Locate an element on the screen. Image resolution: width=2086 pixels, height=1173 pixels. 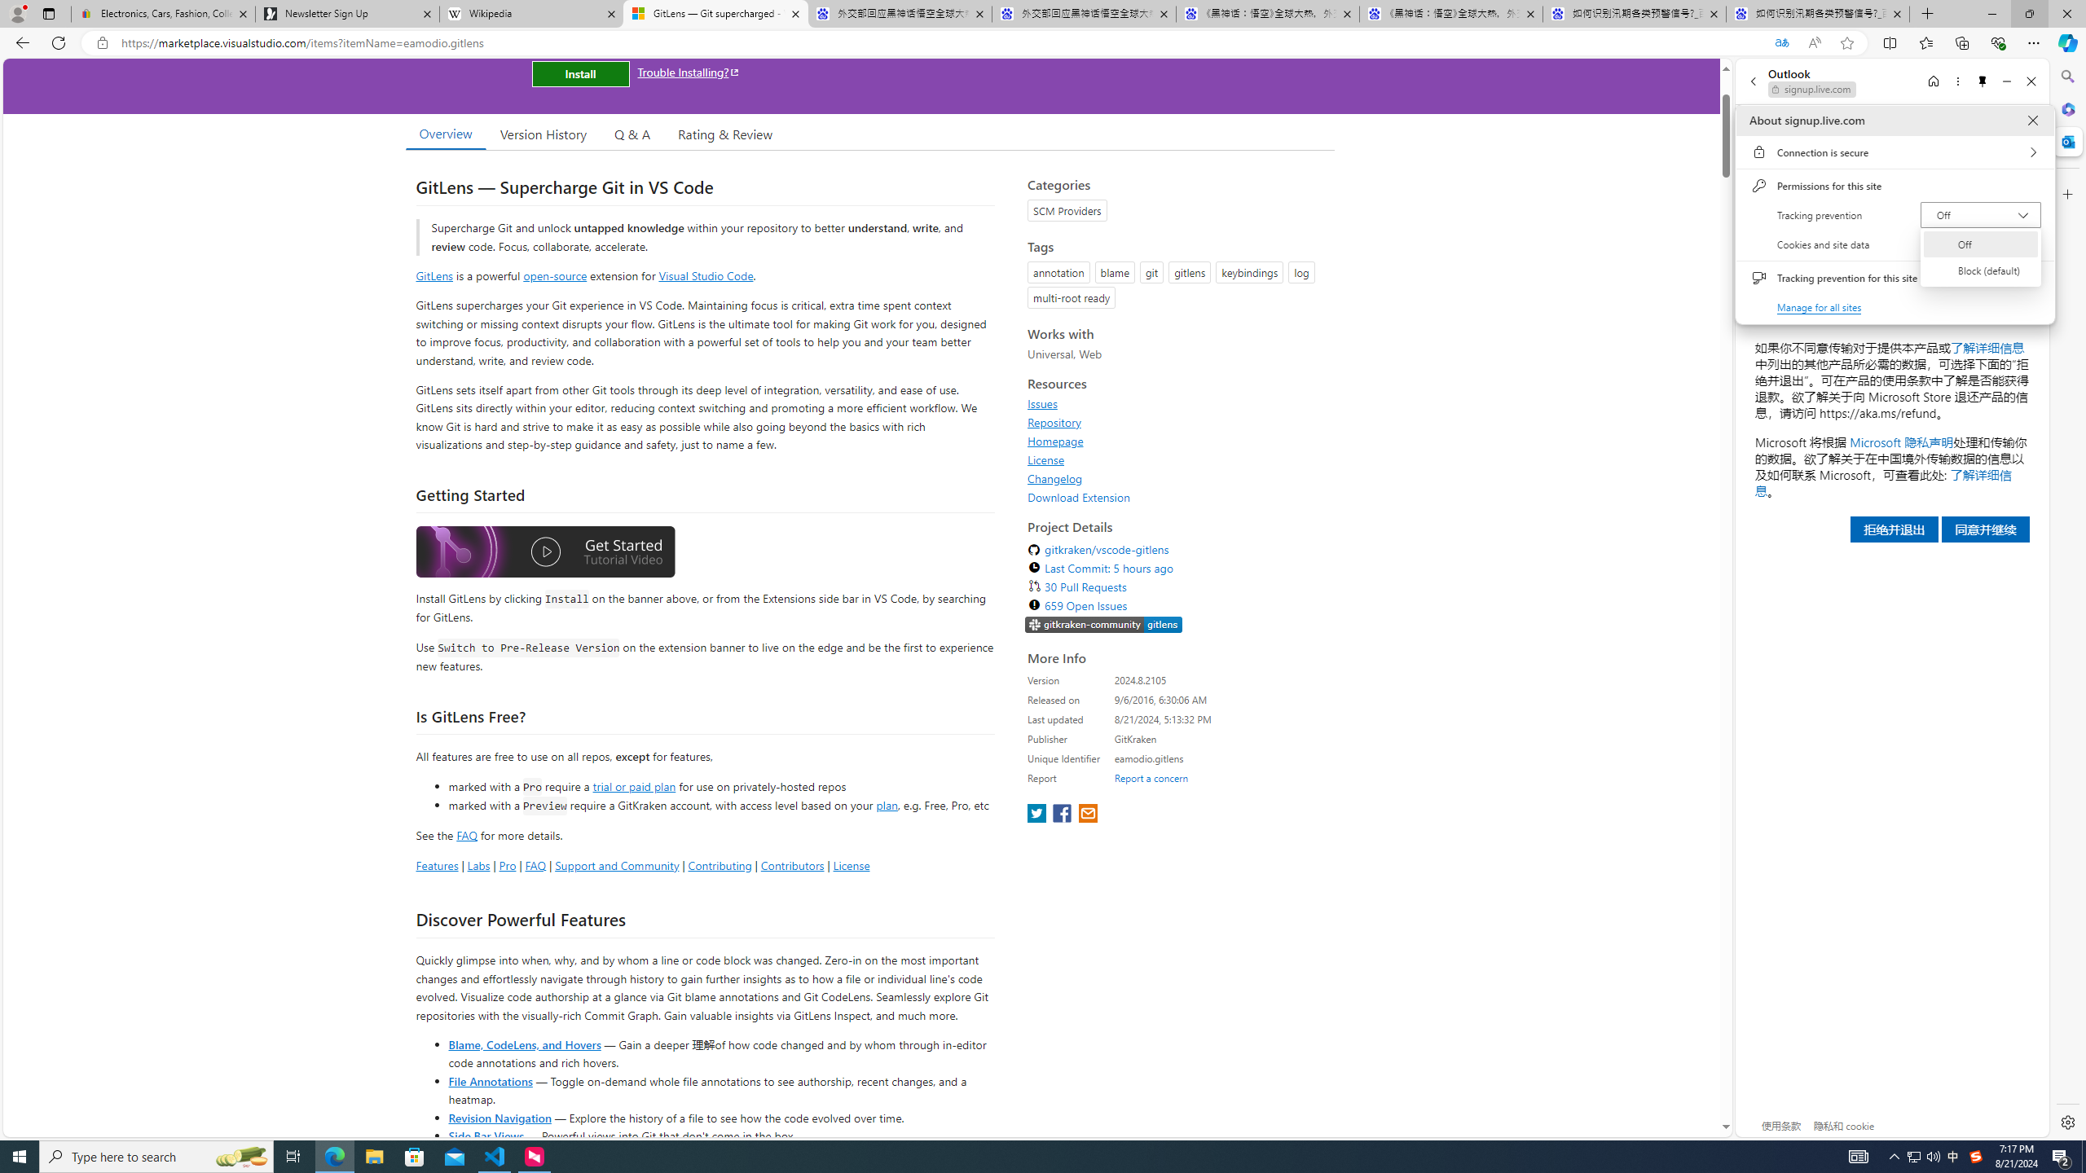
'Tracking prevention Off' is located at coordinates (1981, 214).